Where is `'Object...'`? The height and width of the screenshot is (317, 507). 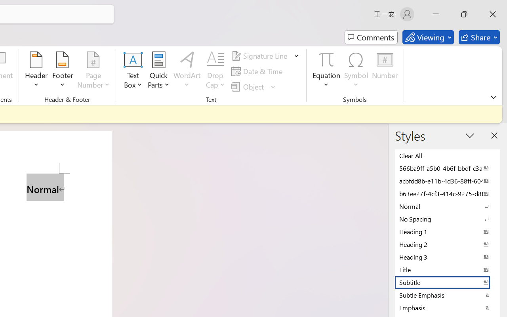 'Object...' is located at coordinates (248, 86).